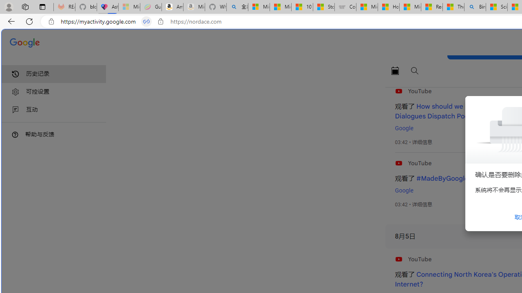 The image size is (522, 293). Describe the element at coordinates (15, 110) in the screenshot. I see `'Class: i2GIId'` at that location.